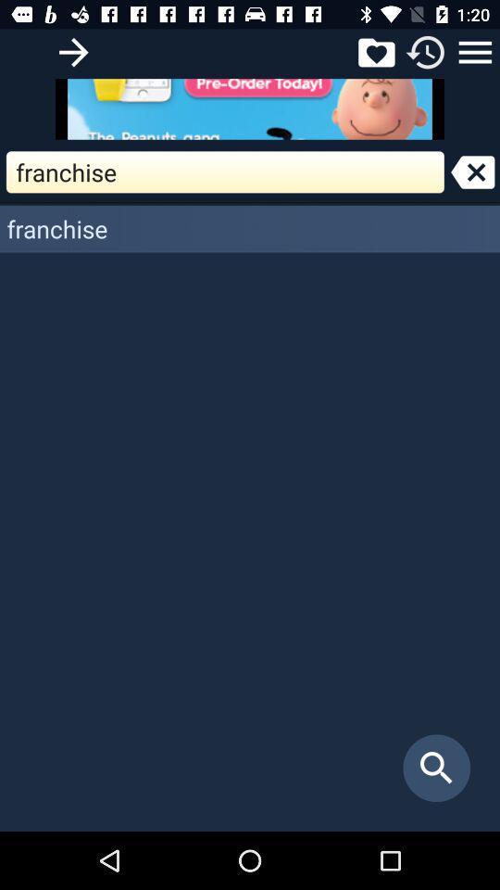  Describe the element at coordinates (250, 108) in the screenshot. I see `open advertisement` at that location.